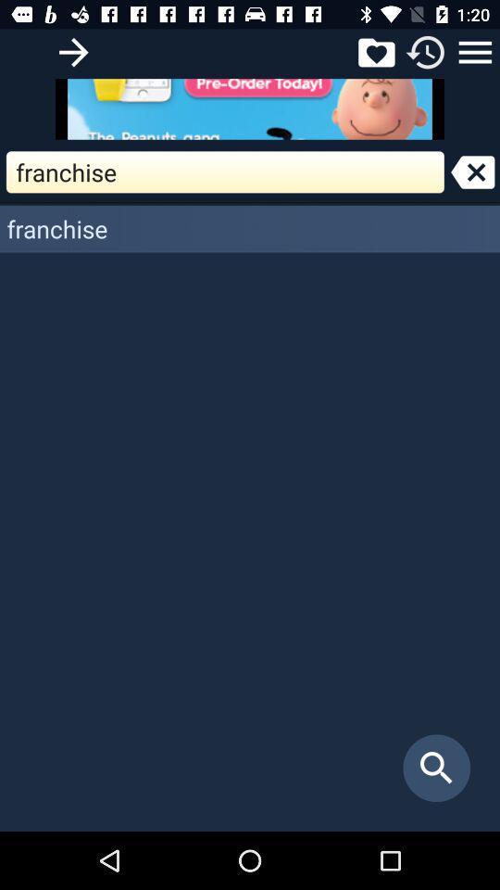  Describe the element at coordinates (250, 108) in the screenshot. I see `open advertisement` at that location.